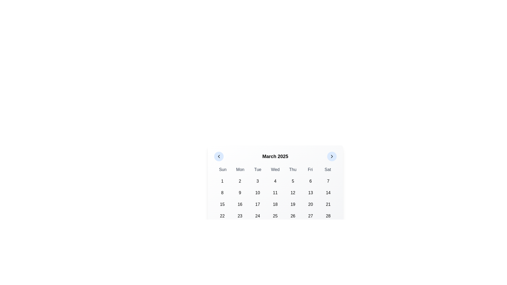  Describe the element at coordinates (275, 170) in the screenshot. I see `the text header row for the days of the week, which includes 'Sun', 'Mon', 'Tue', 'Wed', 'Thu', 'Fri', and 'Sat'` at that location.